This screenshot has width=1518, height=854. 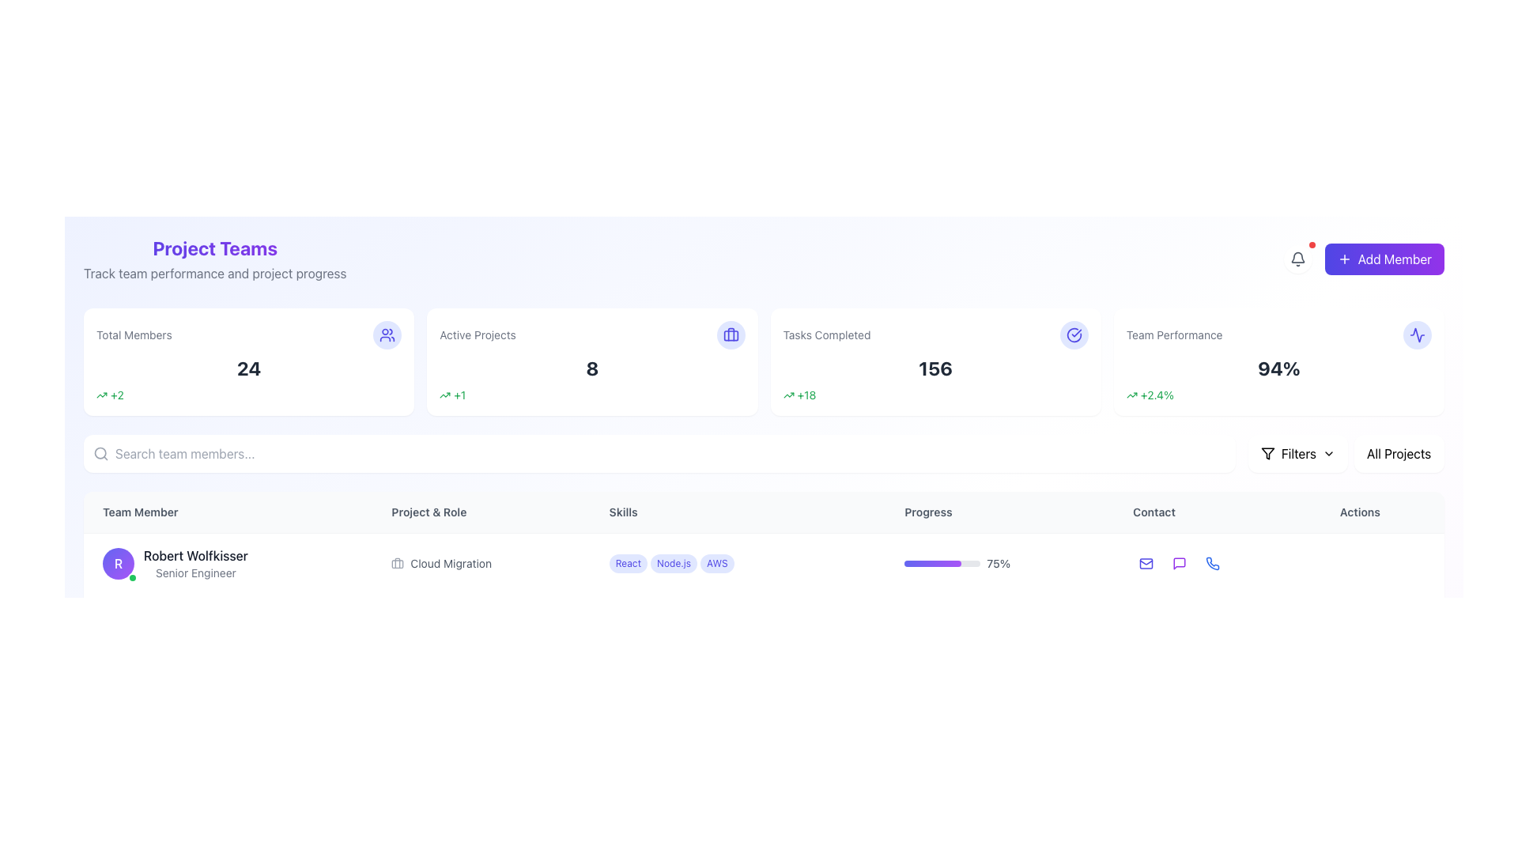 I want to click on the status indication of the small circular status indicator with a bright yellow fill and white outline, located at the lower-right corner of the profile icon displaying the letter 'J', so click(x=133, y=637).